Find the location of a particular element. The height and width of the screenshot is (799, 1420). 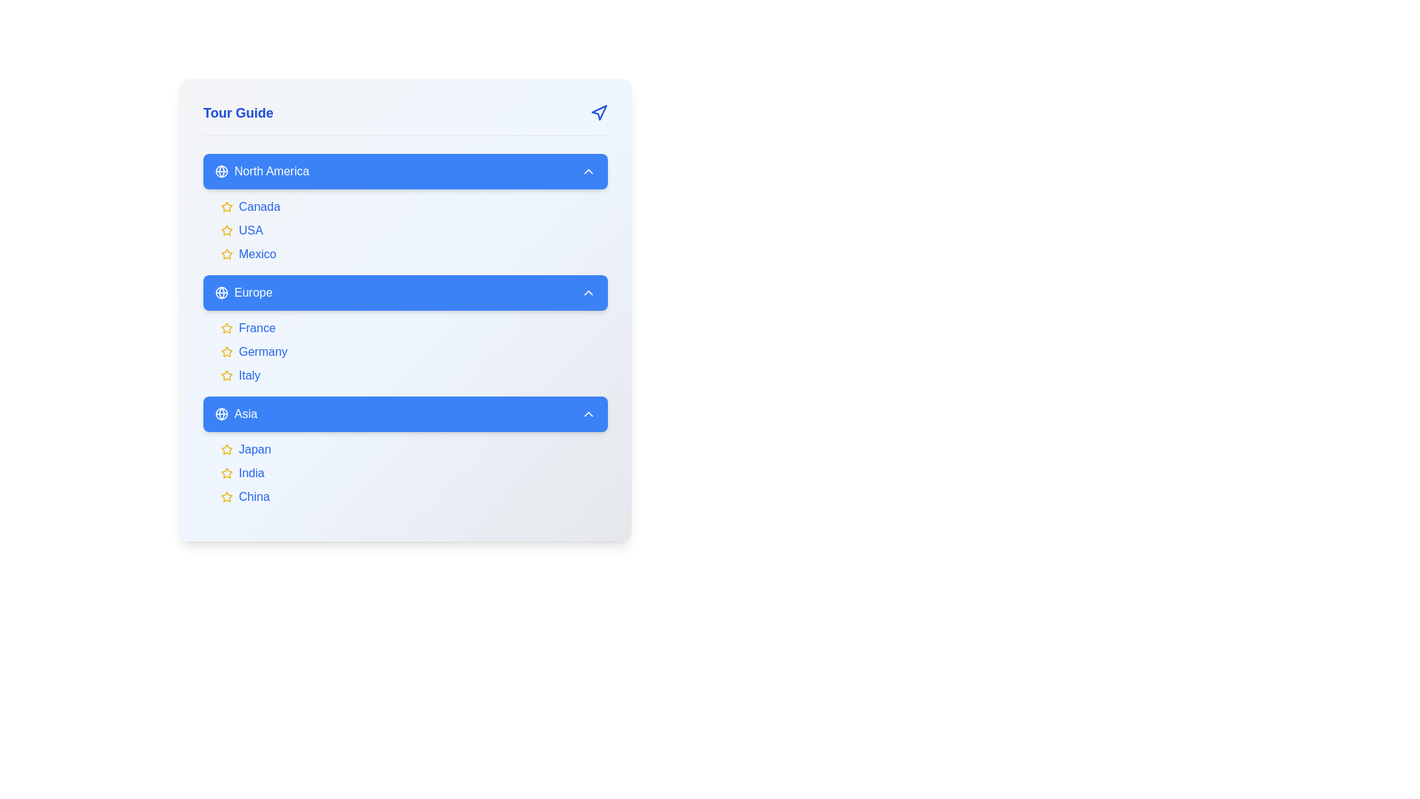

the 'Canada' hyperlink, which is the first item in the 'North America' section is located at coordinates (414, 207).